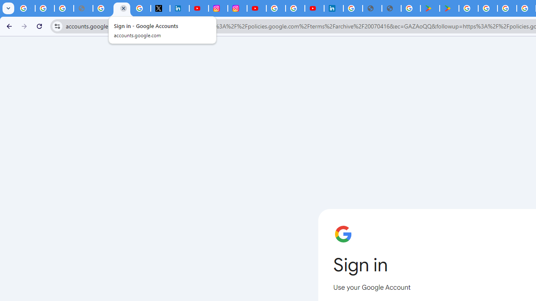 This screenshot has height=301, width=536. I want to click on 'Android Apps on Google Play', so click(430, 8).